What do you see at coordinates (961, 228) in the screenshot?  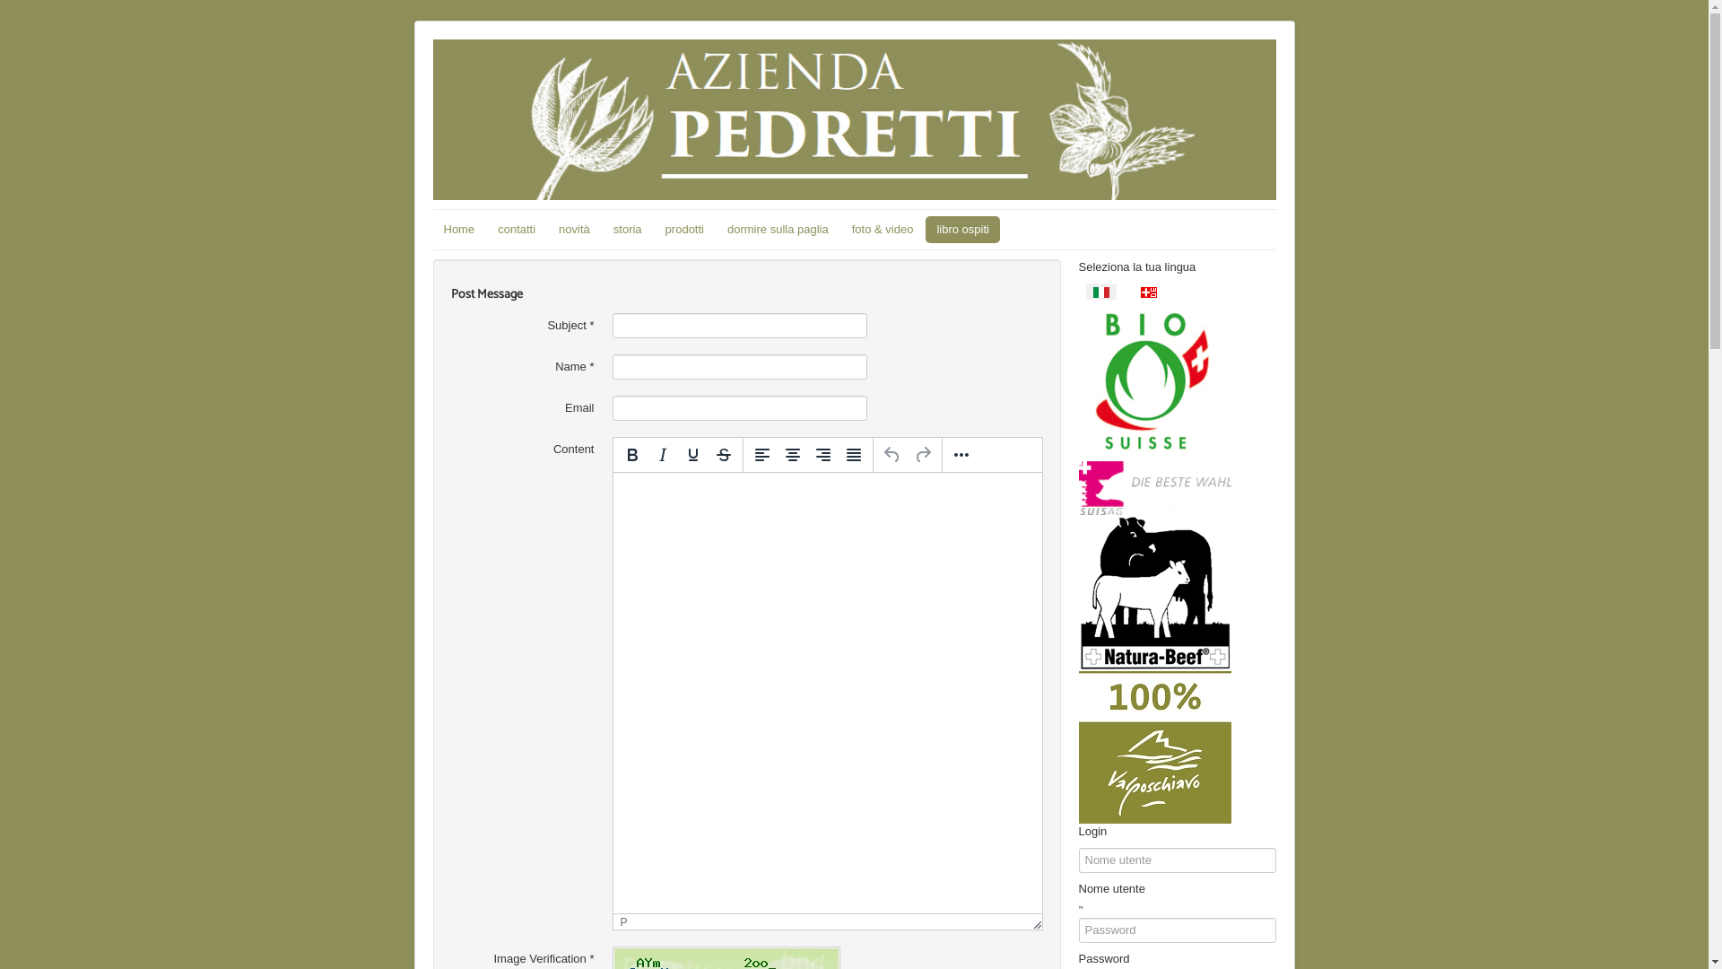 I see `'libro ospiti'` at bounding box center [961, 228].